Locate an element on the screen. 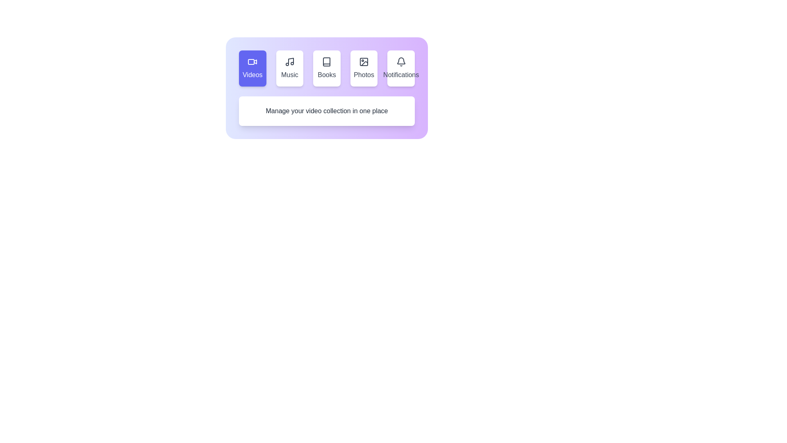 This screenshot has width=787, height=443. the tab labeled Photos to switch to it is located at coordinates (364, 68).